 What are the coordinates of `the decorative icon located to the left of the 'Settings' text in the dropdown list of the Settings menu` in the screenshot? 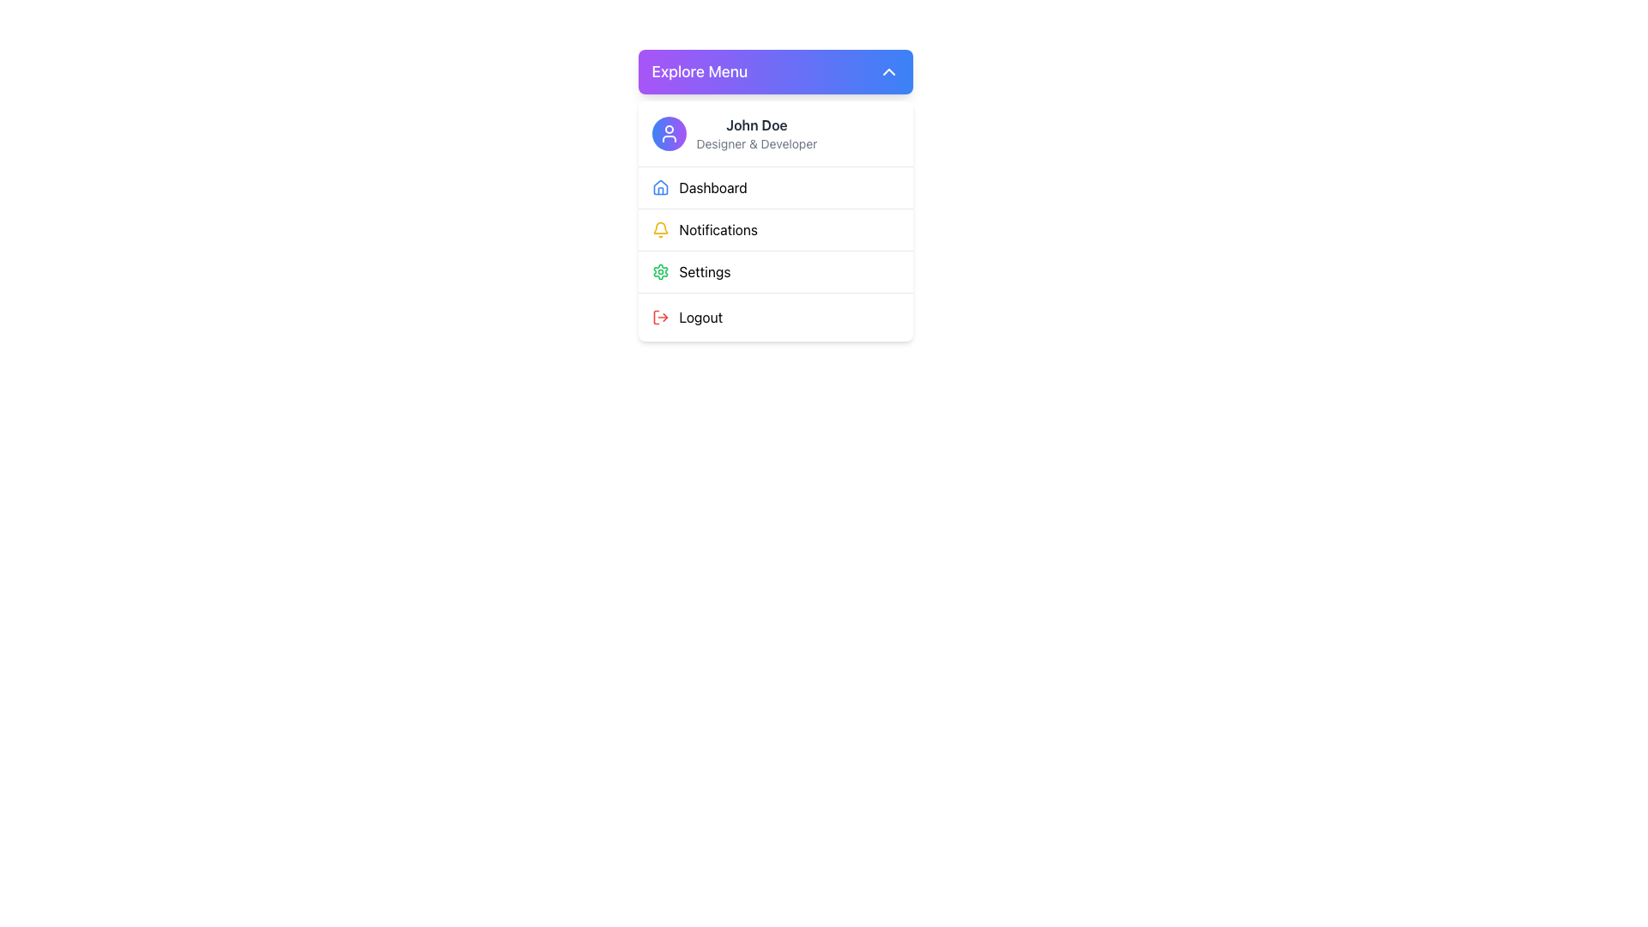 It's located at (659, 270).